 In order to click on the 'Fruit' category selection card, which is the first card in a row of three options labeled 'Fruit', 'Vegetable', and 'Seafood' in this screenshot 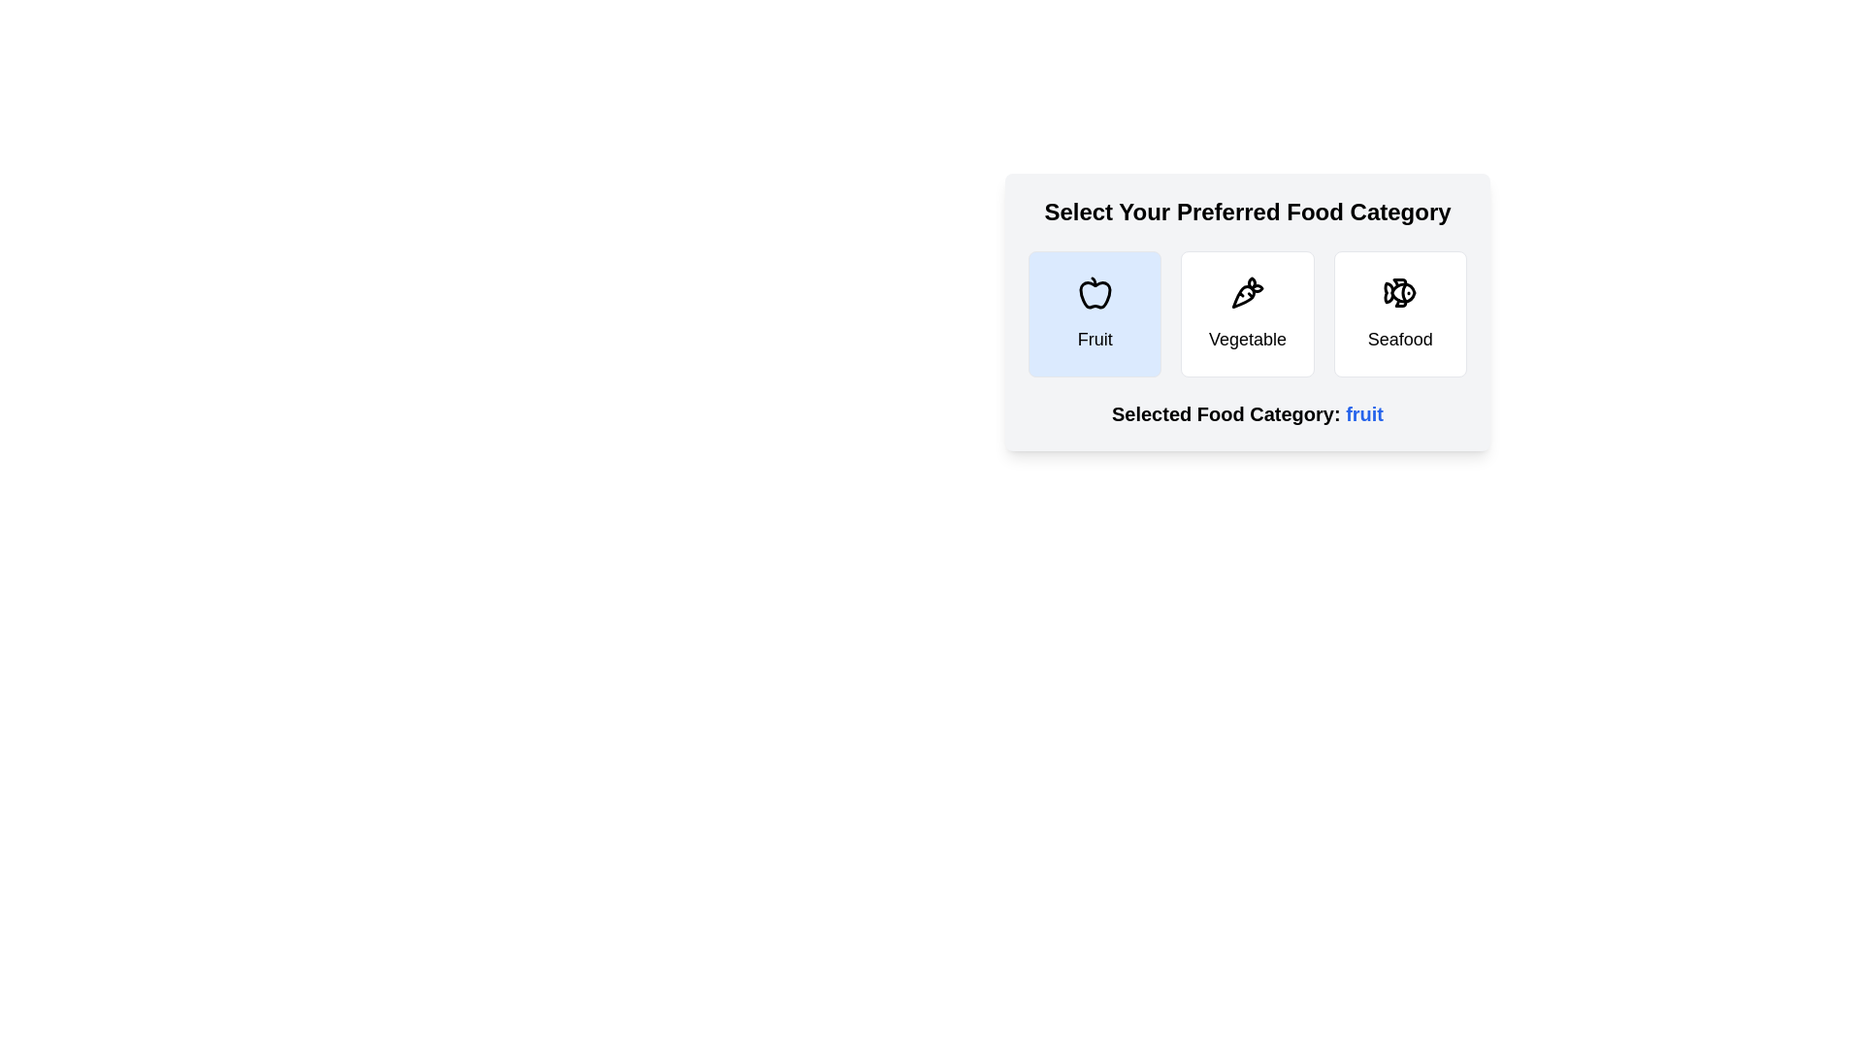, I will do `click(1095, 313)`.